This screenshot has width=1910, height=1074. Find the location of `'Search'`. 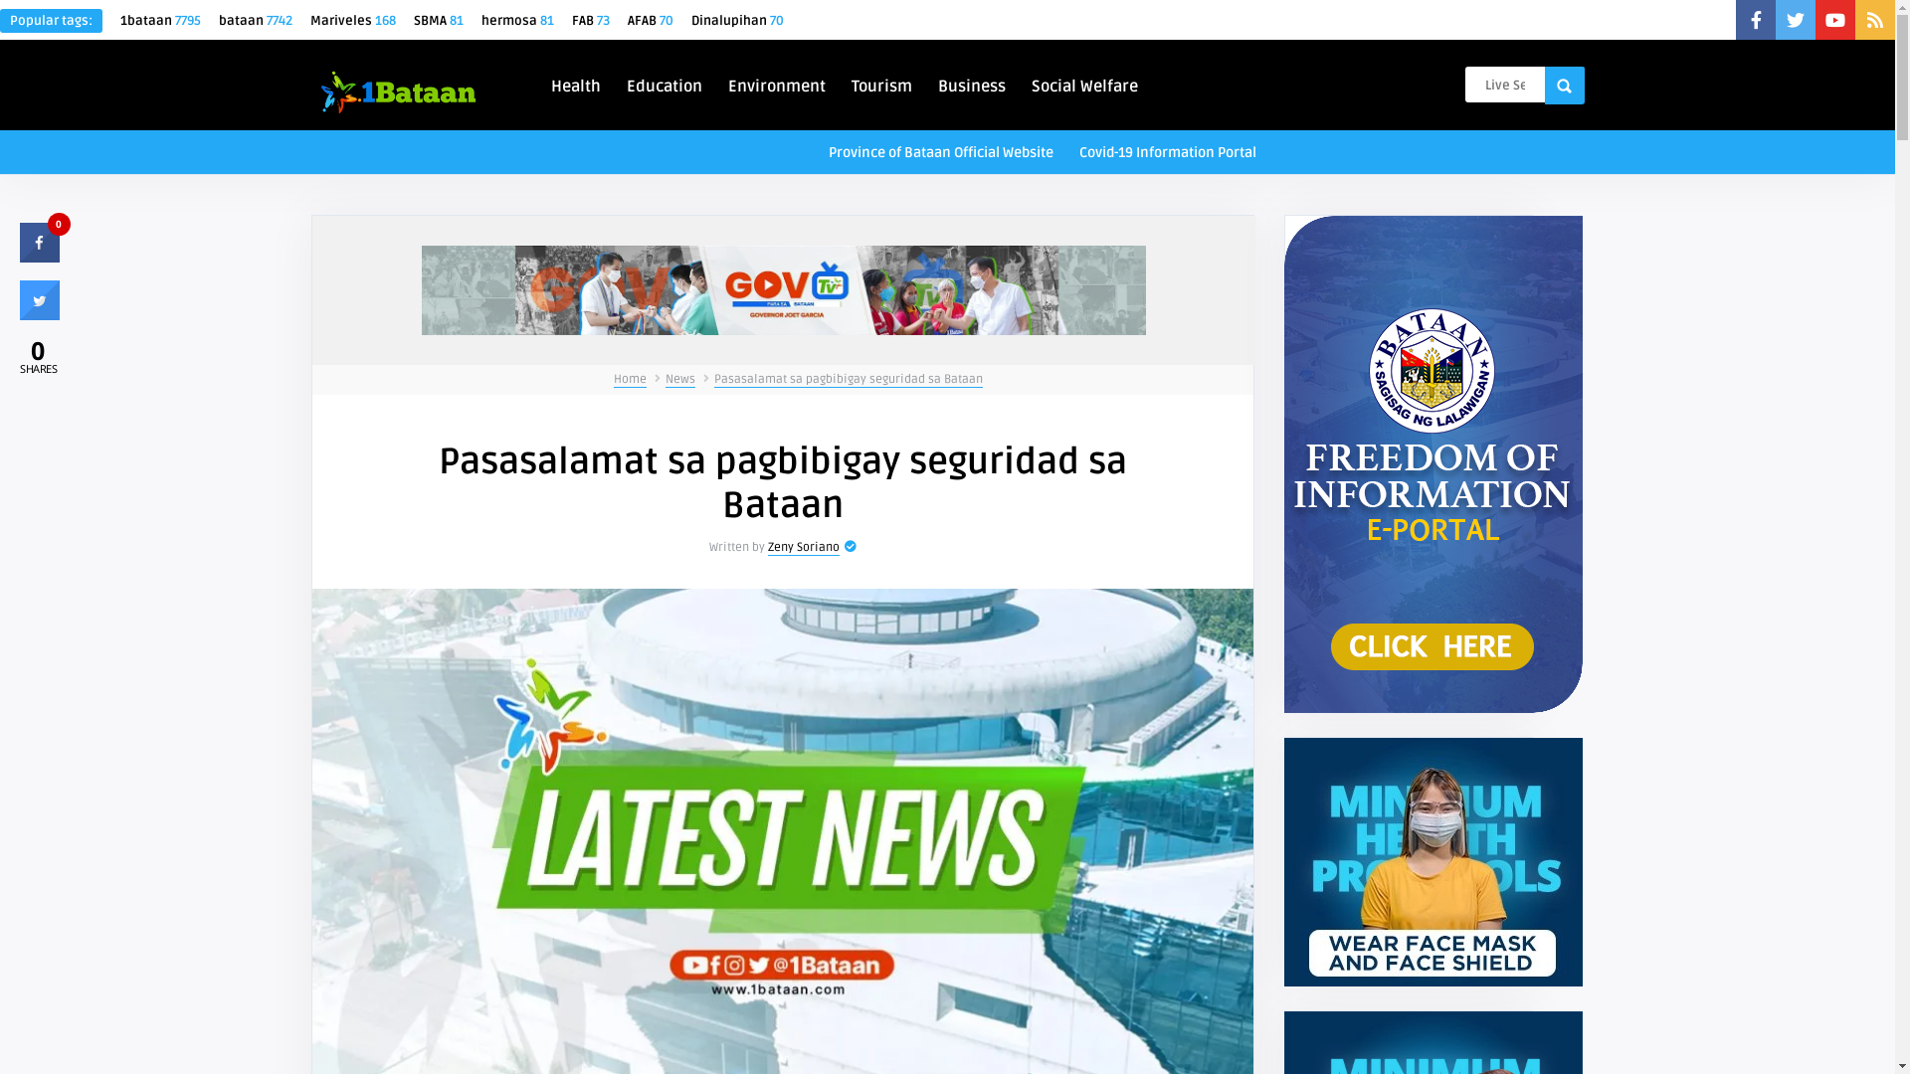

'Search' is located at coordinates (1563, 84).